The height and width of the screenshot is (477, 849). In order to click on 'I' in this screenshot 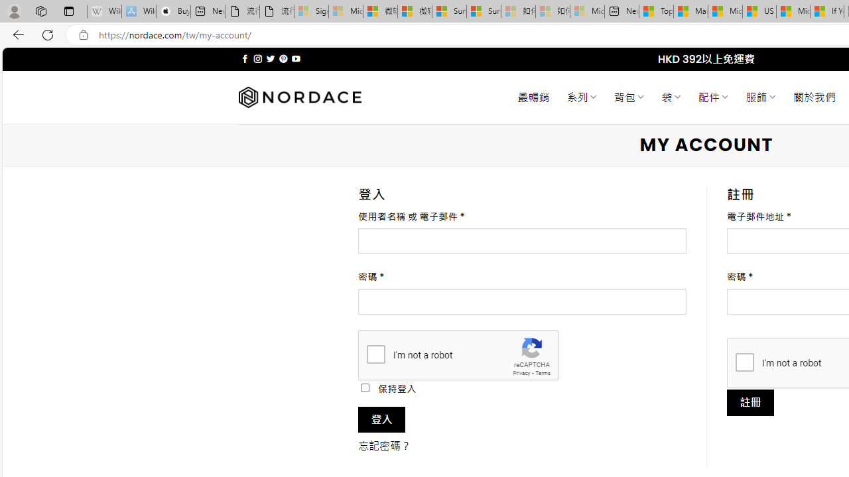, I will do `click(744, 362)`.